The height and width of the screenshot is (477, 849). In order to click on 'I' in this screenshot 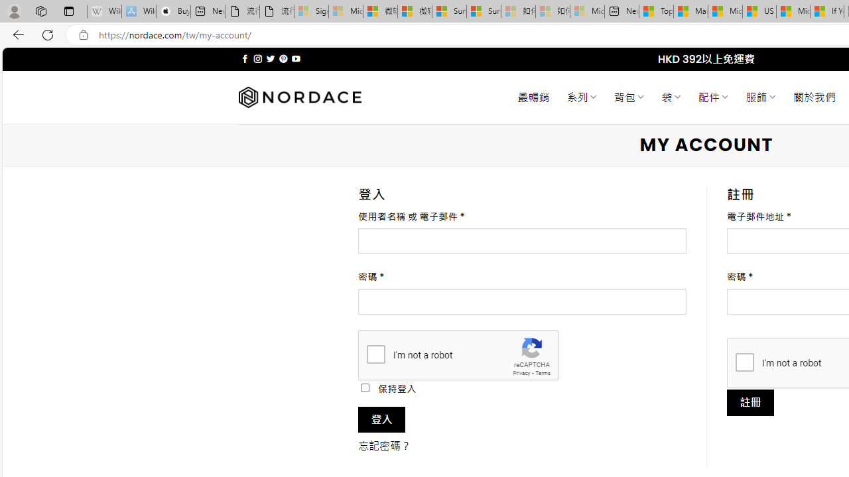, I will do `click(744, 362)`.